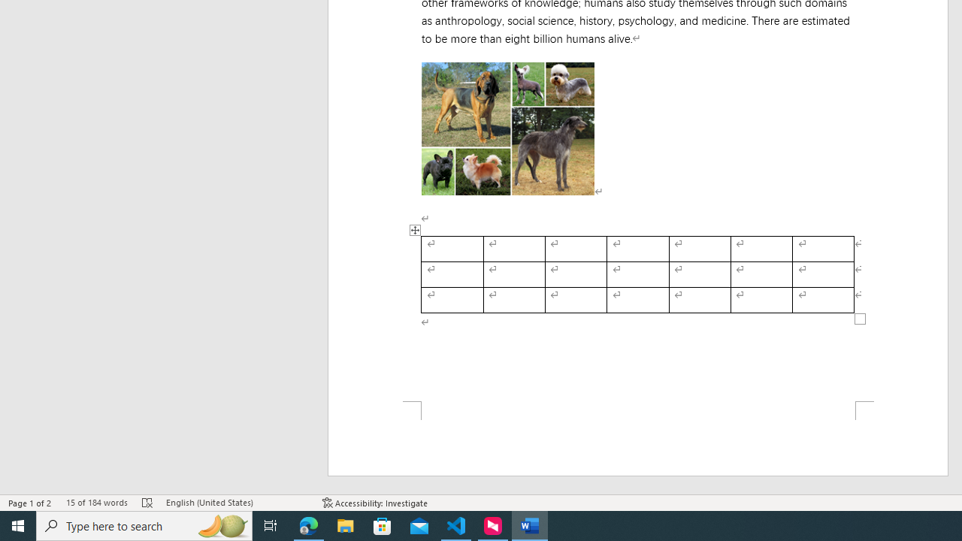 The width and height of the screenshot is (962, 541). I want to click on 'Word Count 15 of 184 words', so click(95, 503).